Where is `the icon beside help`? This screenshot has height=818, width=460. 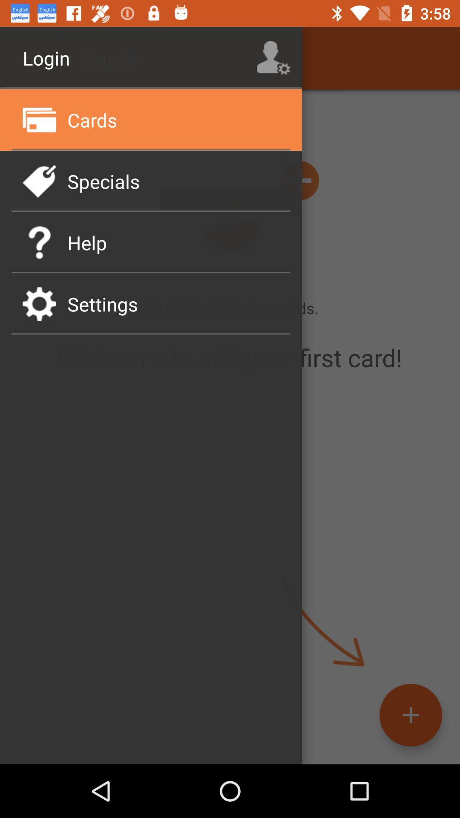 the icon beside help is located at coordinates (39, 242).